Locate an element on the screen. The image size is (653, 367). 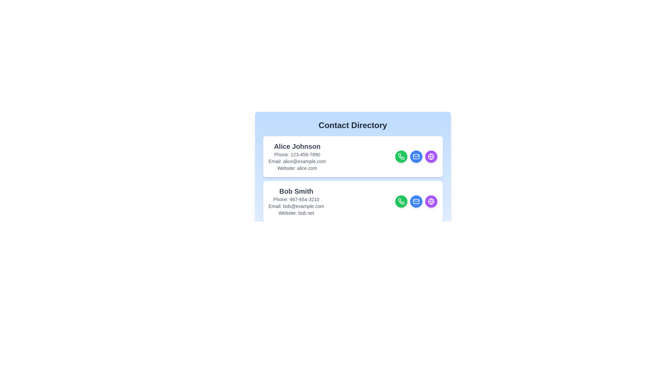
call button for the contact Bob Smith is located at coordinates (401, 201).